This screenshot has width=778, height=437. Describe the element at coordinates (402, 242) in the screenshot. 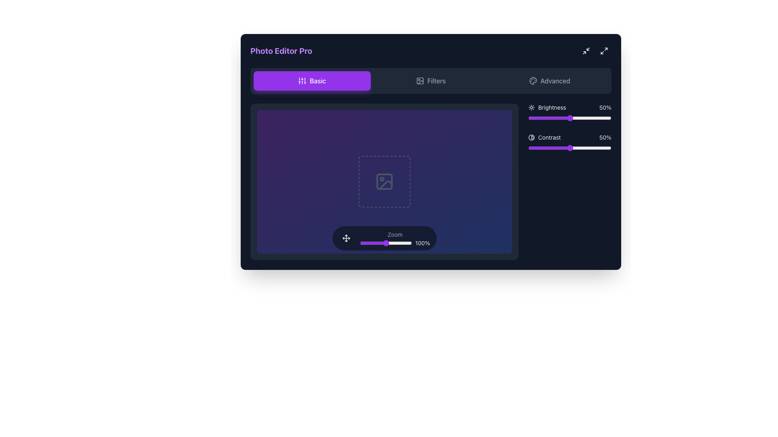

I see `the zoom level` at that location.